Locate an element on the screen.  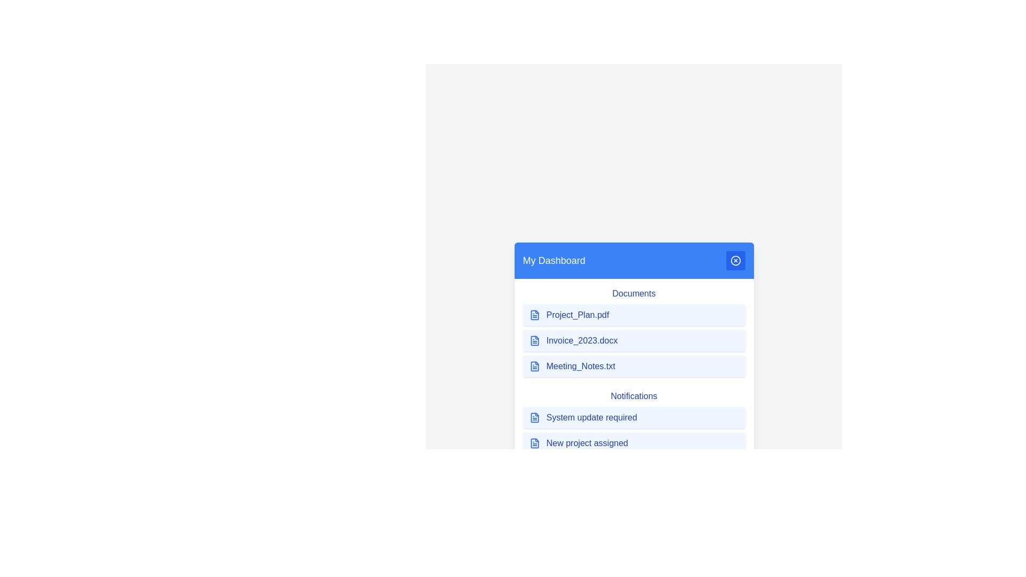
the toggle button in the menu header to toggle its open/close state is located at coordinates (735, 261).